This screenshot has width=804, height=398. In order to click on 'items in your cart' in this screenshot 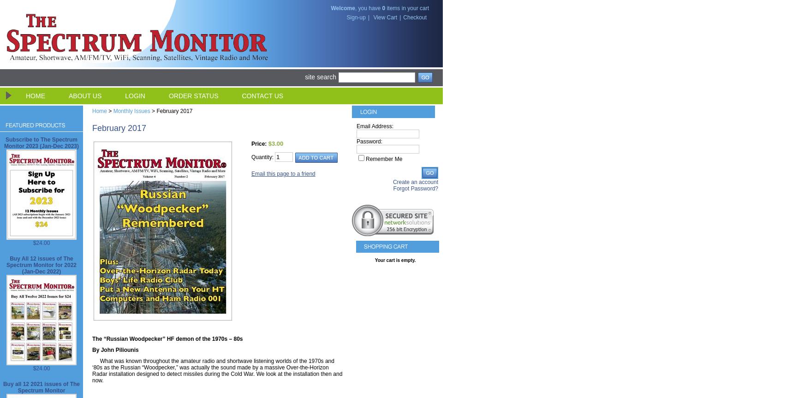, I will do `click(407, 8)`.